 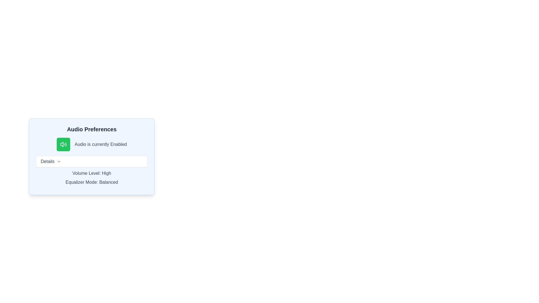 I want to click on the speaker icon representing audio functionality located at the top left corner of the 'Audio Preferences' panel, adjacent to 'Audio is currently Enabled', so click(x=62, y=144).